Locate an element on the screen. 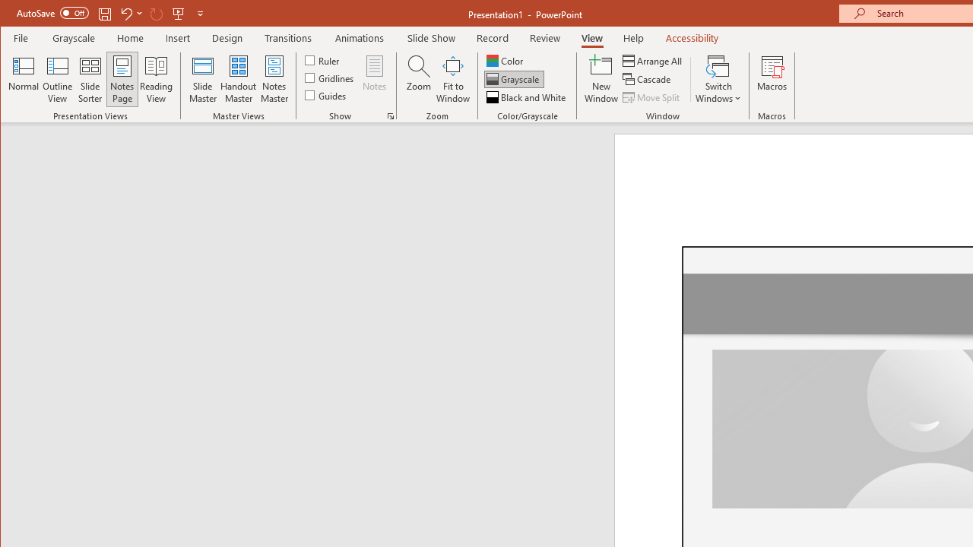  'New Window' is located at coordinates (601, 79).